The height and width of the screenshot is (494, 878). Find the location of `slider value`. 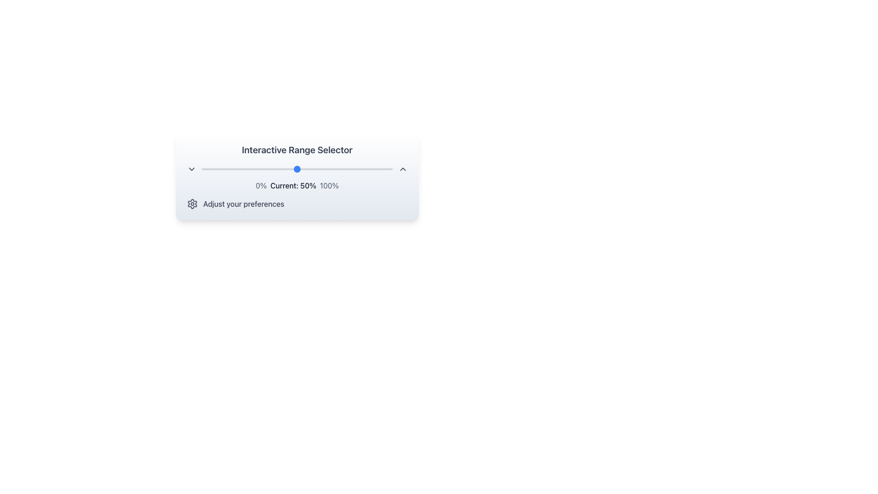

slider value is located at coordinates (320, 169).